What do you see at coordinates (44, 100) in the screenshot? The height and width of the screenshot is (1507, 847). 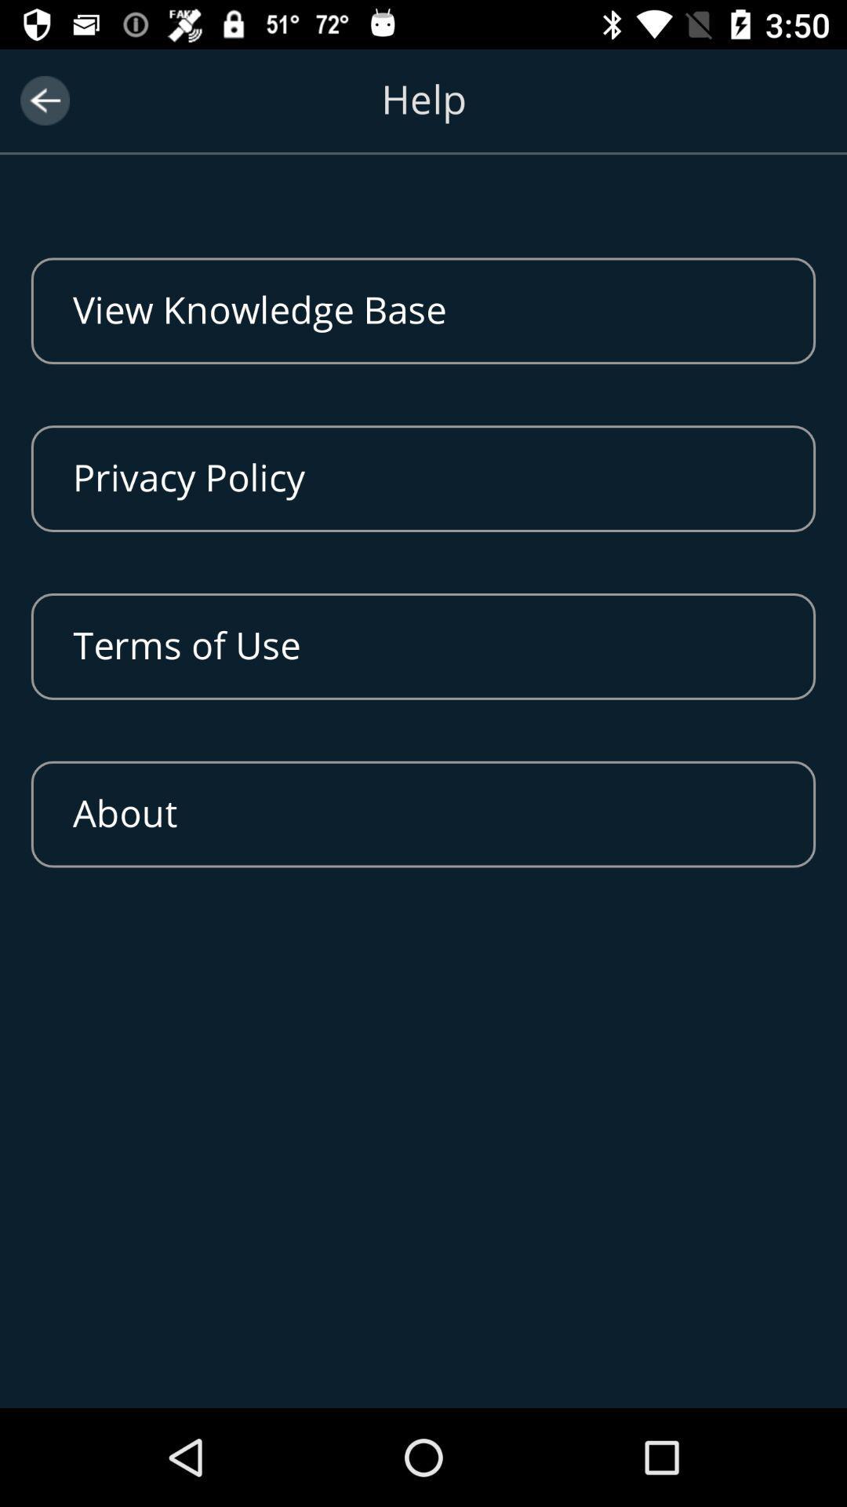 I see `the arrow_backward icon` at bounding box center [44, 100].